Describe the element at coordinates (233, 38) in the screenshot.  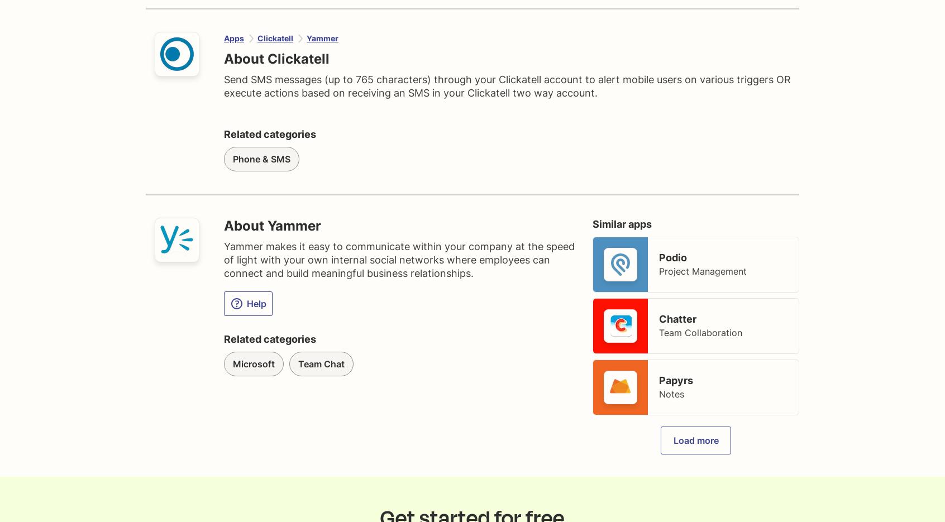
I see `'Apps'` at that location.